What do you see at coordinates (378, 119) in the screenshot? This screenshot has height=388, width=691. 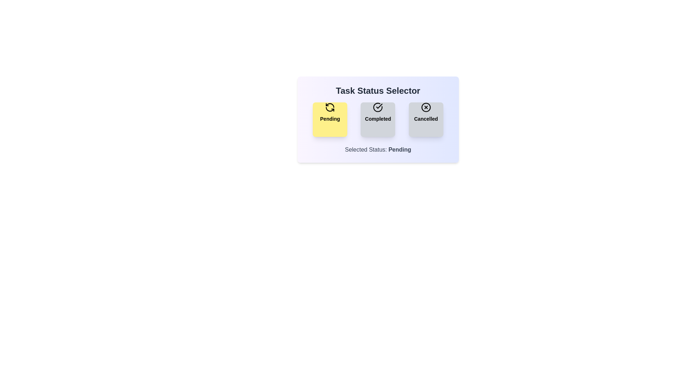 I see `the 'Completed' button to activate it` at bounding box center [378, 119].